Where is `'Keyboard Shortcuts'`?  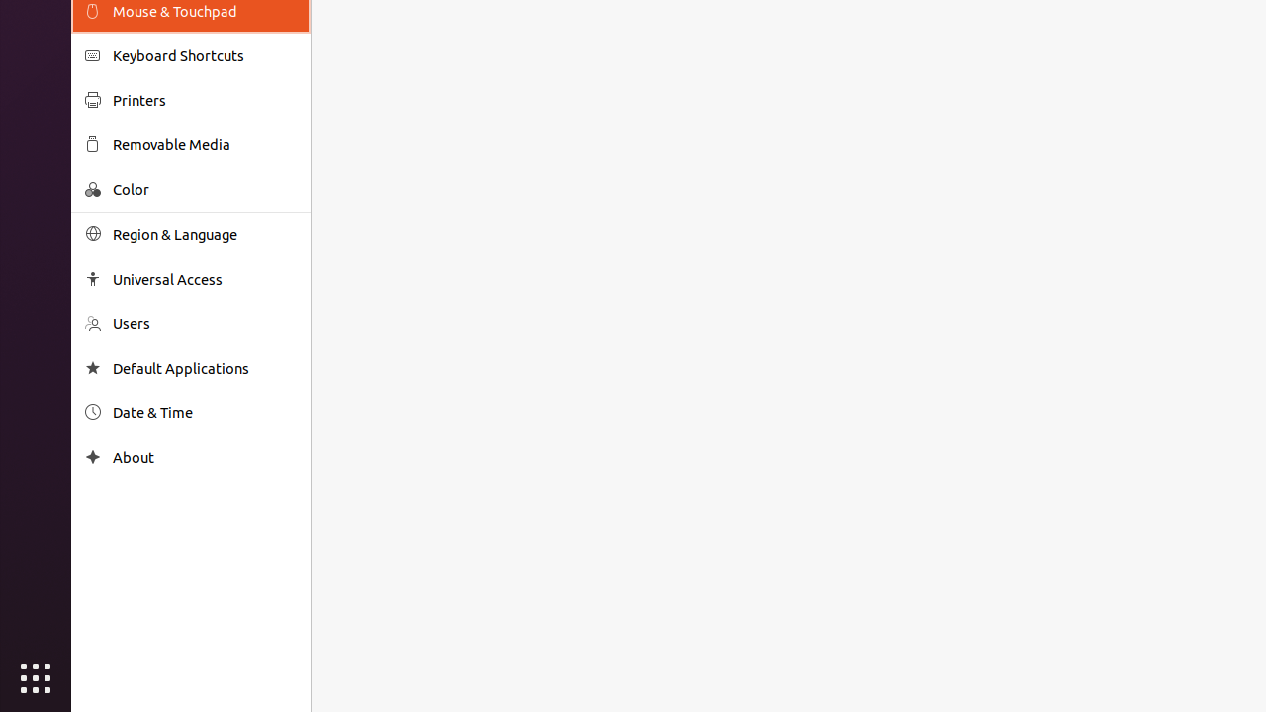 'Keyboard Shortcuts' is located at coordinates (204, 54).